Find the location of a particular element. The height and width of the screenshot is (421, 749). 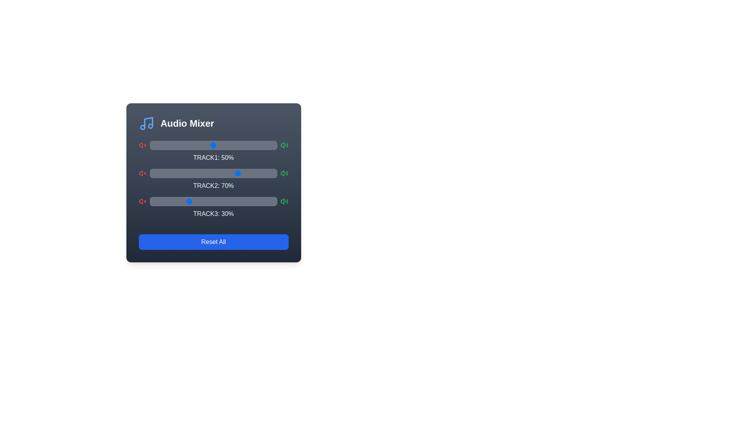

the loud icon for Track 2 is located at coordinates (284, 173).